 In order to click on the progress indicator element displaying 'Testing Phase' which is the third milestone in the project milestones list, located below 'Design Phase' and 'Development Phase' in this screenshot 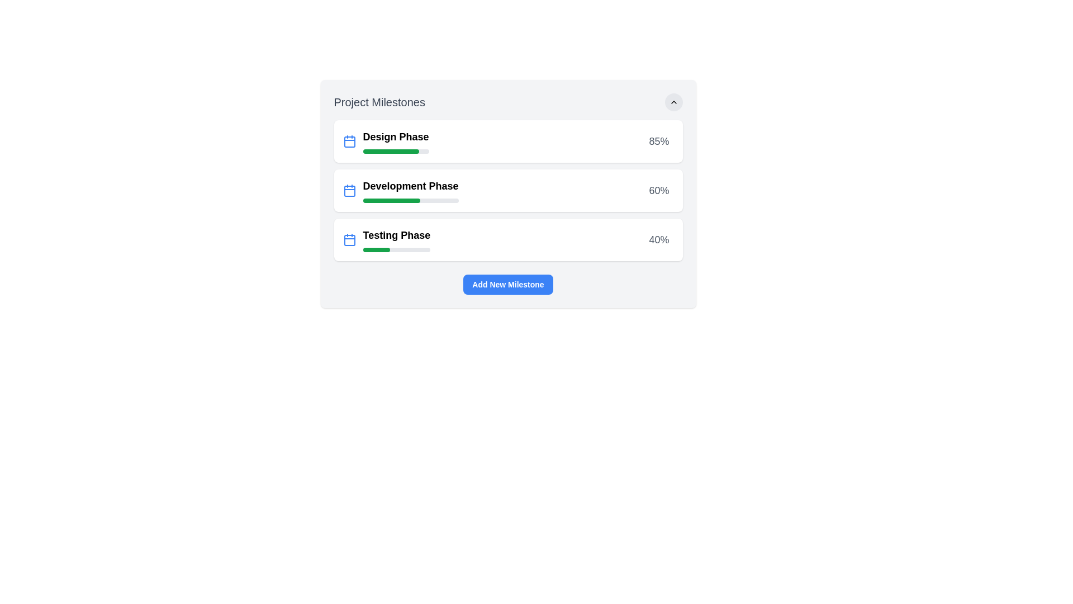, I will do `click(396, 239)`.